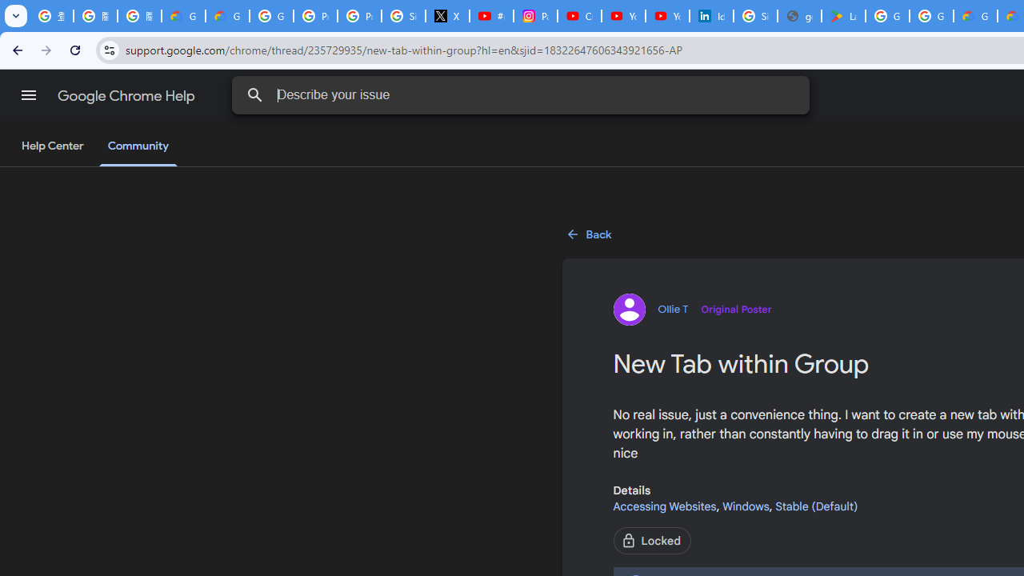 Image resolution: width=1024 pixels, height=576 pixels. Describe the element at coordinates (491, 16) in the screenshot. I see `'#nbabasketballhighlights - YouTube'` at that location.